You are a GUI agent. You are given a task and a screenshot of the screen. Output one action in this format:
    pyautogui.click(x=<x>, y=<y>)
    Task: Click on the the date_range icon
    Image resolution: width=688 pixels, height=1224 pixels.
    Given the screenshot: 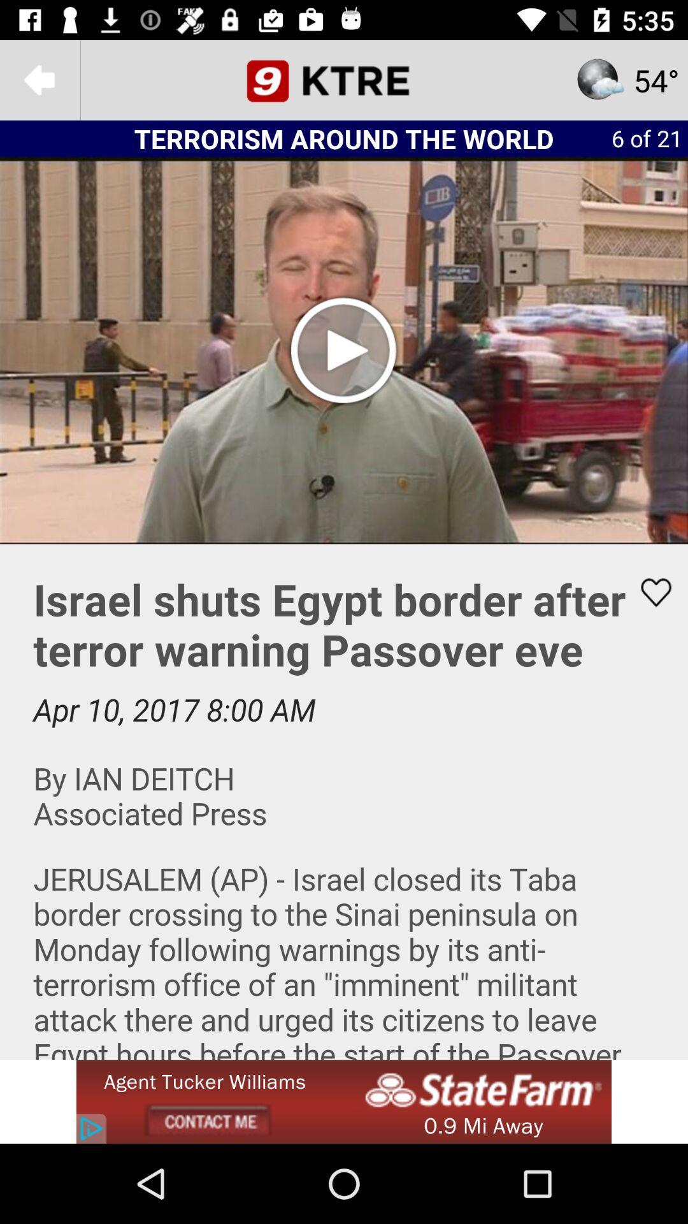 What is the action you would take?
    pyautogui.click(x=344, y=79)
    